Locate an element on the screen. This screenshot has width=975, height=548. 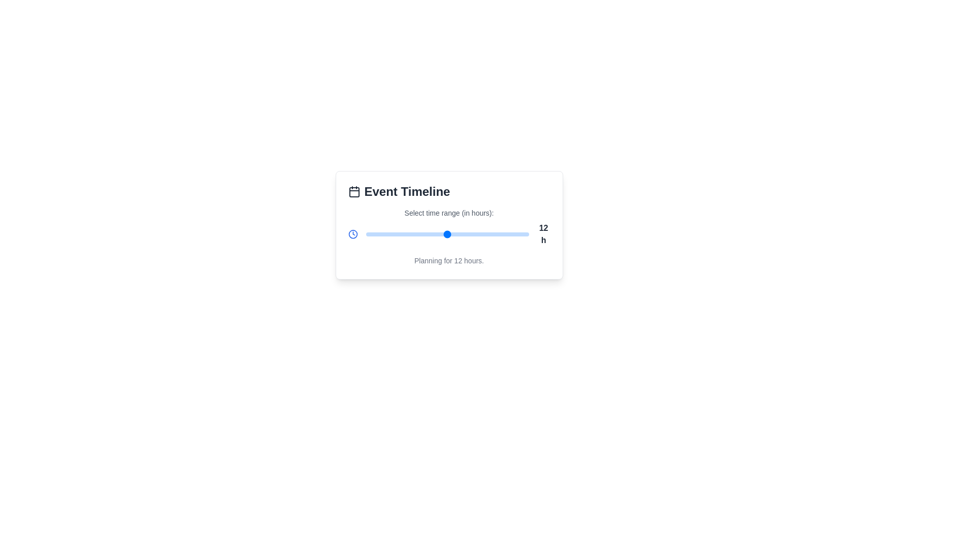
the number of hours is located at coordinates (413, 234).